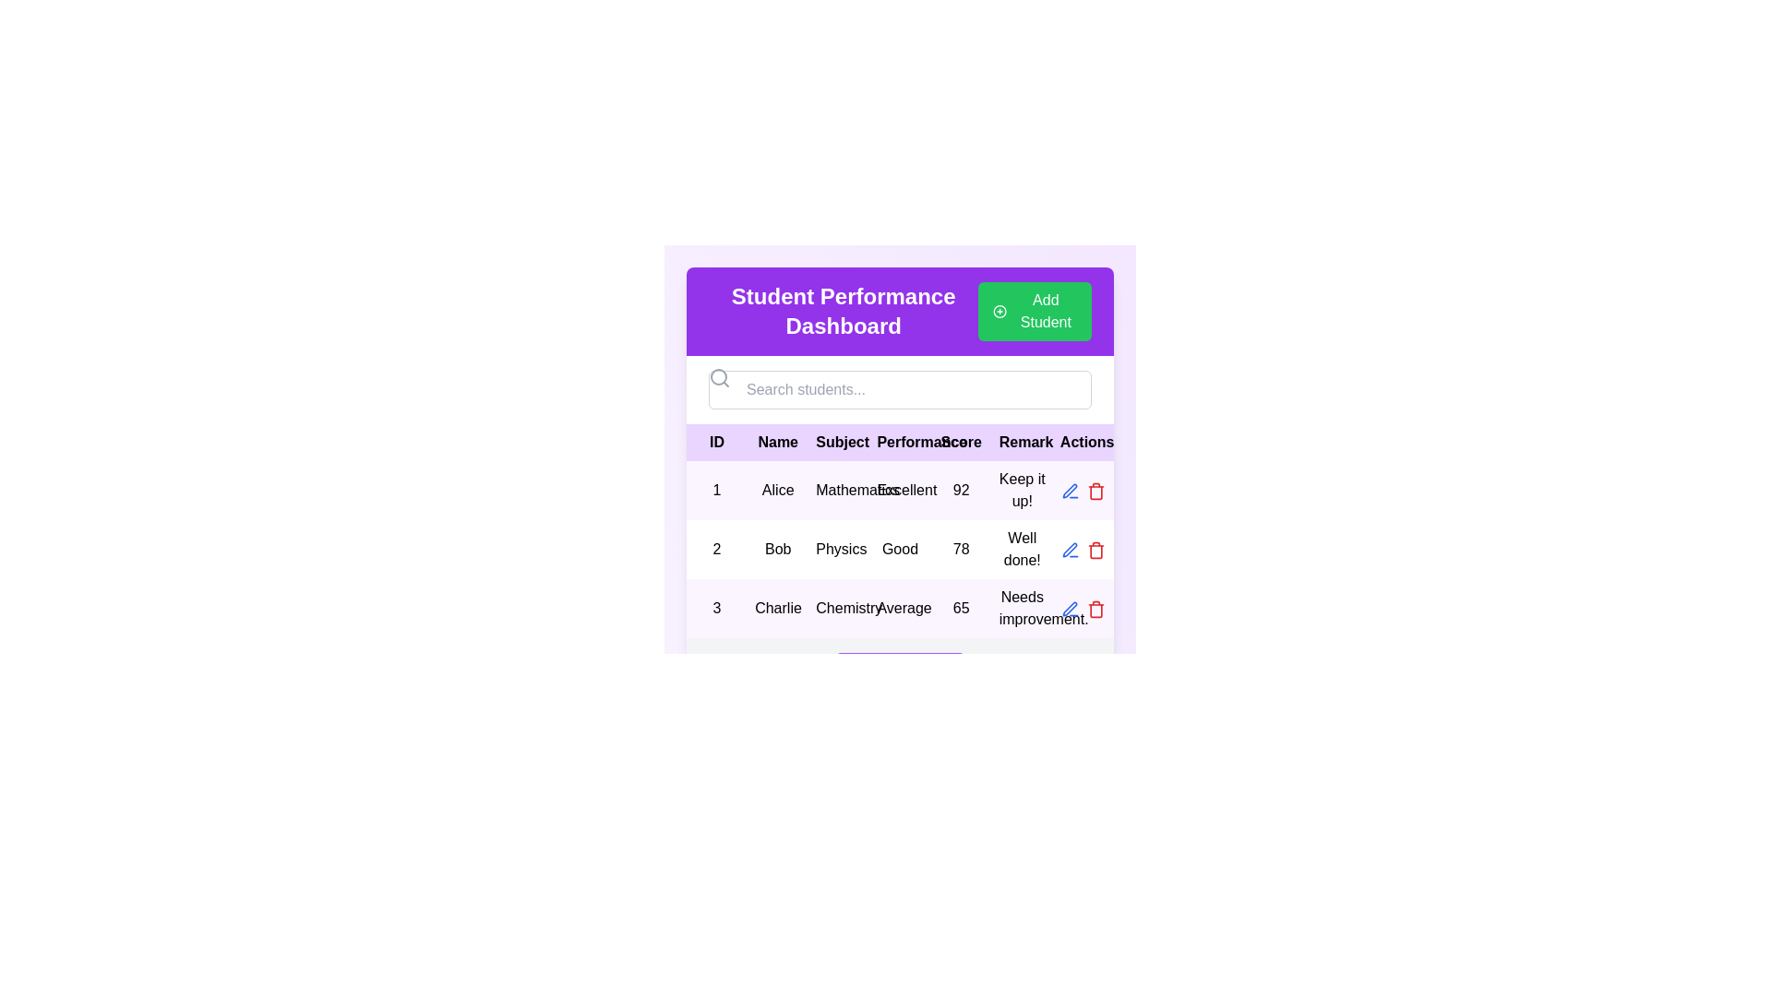 The height and width of the screenshot is (996, 1772). What do you see at coordinates (900, 442) in the screenshot?
I see `text from the Table Header Row which has a purple background and contains labels such as 'ID', 'Name', 'Subject', 'Performance', 'Score', 'Remark', and 'Actions'` at bounding box center [900, 442].